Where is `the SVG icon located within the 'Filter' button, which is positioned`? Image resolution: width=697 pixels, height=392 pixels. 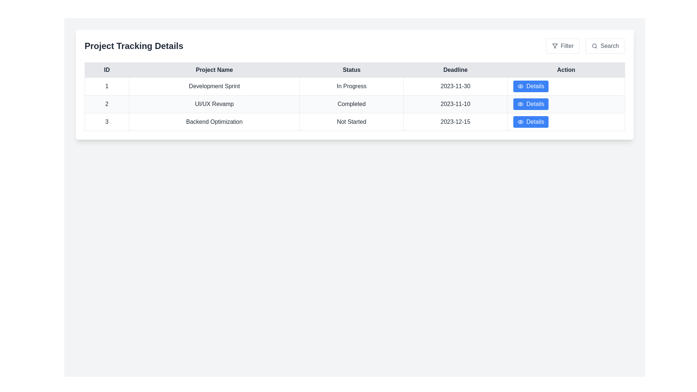 the SVG icon located within the 'Filter' button, which is positioned is located at coordinates (554, 46).